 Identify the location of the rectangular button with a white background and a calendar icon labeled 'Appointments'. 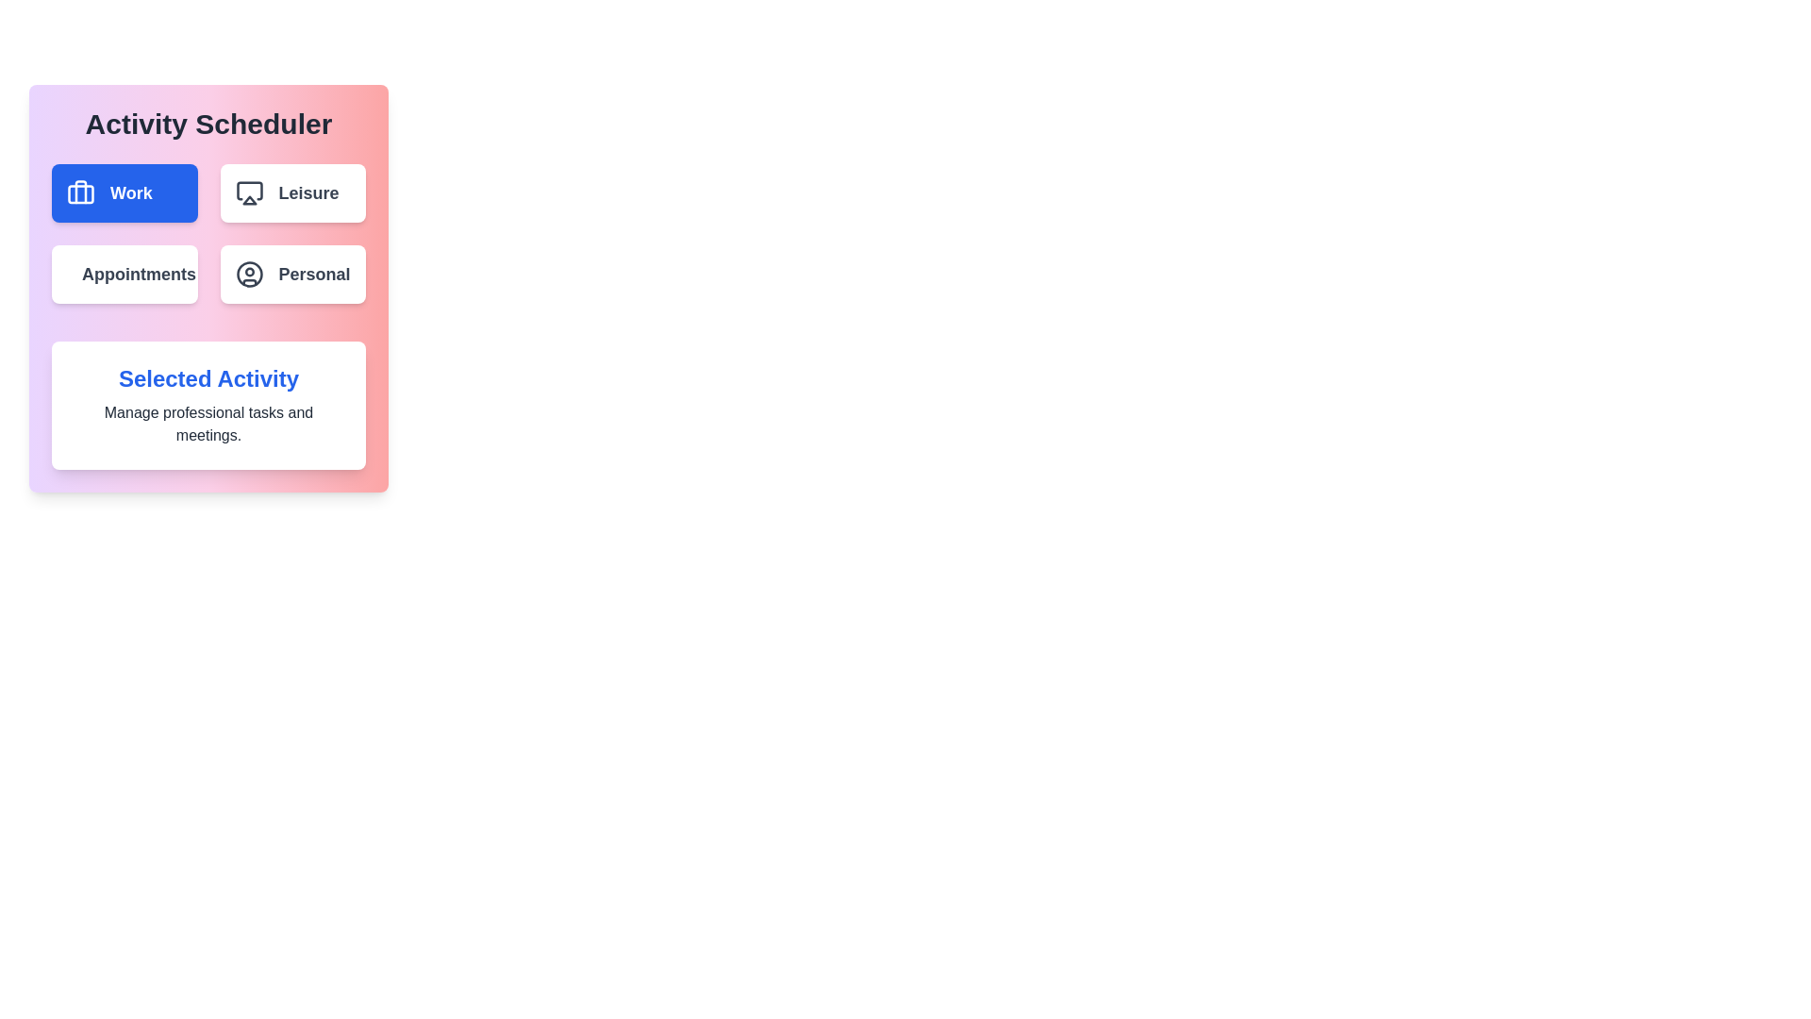
(124, 274).